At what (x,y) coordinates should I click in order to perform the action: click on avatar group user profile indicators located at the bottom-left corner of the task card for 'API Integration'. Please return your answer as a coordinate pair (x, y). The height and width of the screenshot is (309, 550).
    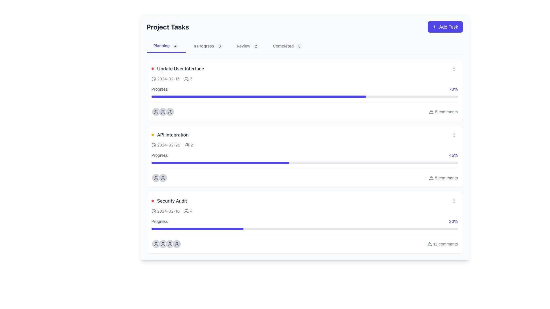
    Looking at the image, I should click on (159, 177).